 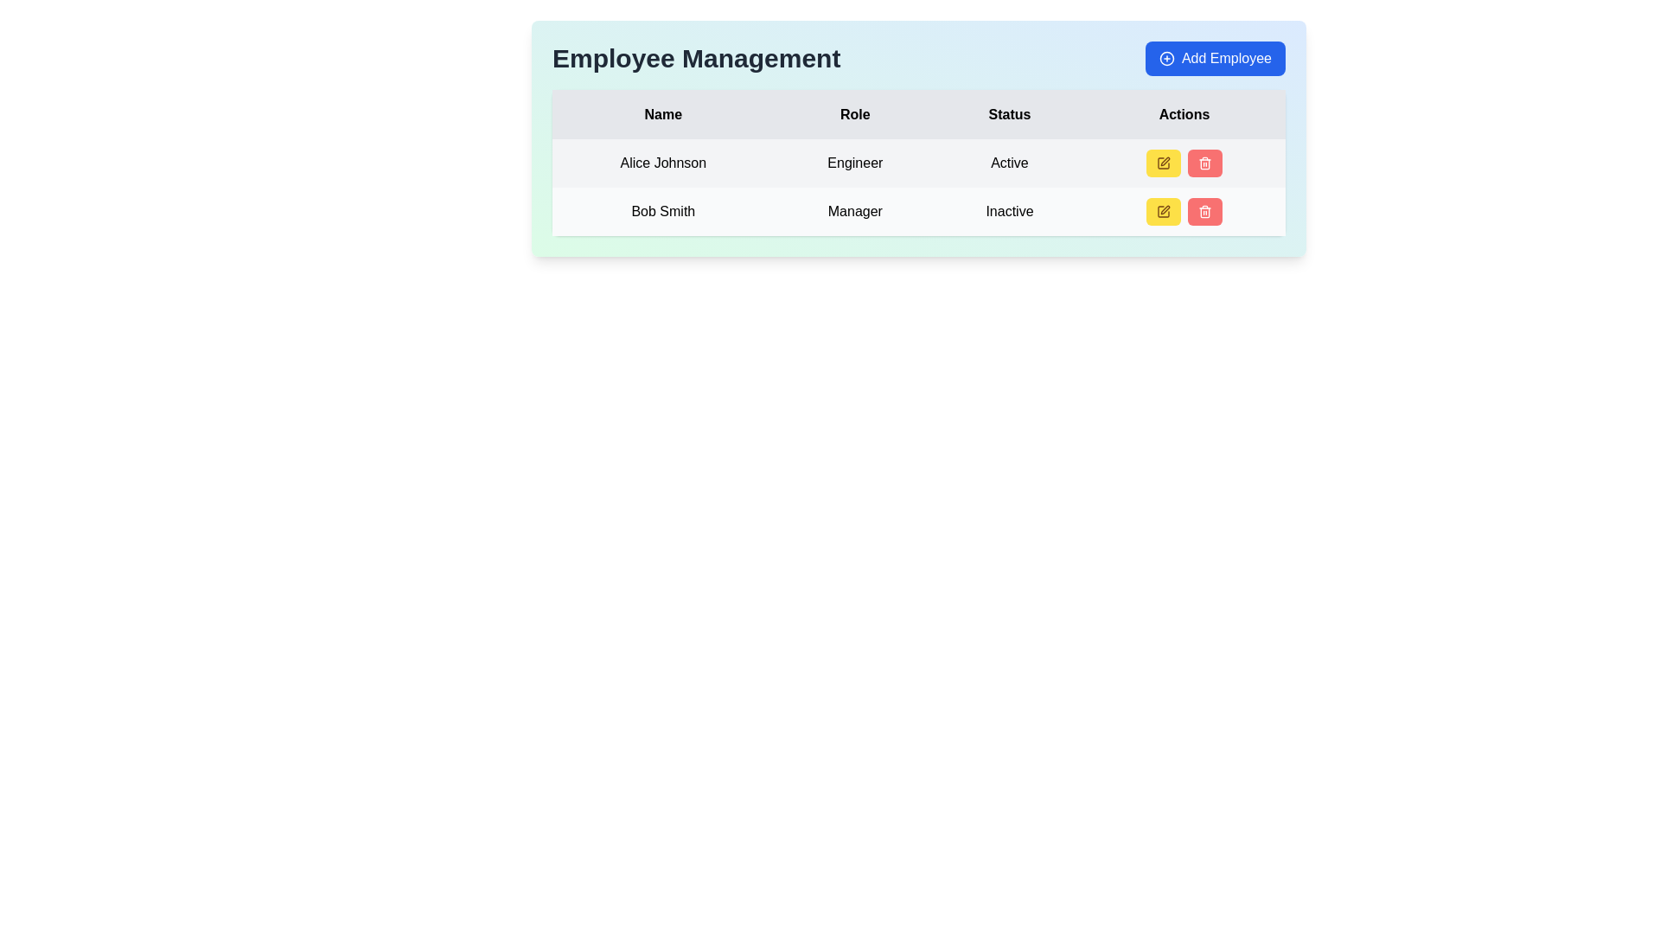 I want to click on the edit icon button located in the 'Actions' column of the second row for 'Bob Smith' in the employee data table, so click(x=1163, y=211).